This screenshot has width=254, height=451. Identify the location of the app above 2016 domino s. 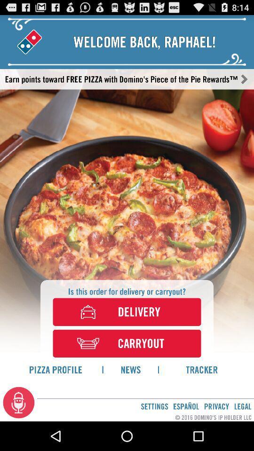
(186, 406).